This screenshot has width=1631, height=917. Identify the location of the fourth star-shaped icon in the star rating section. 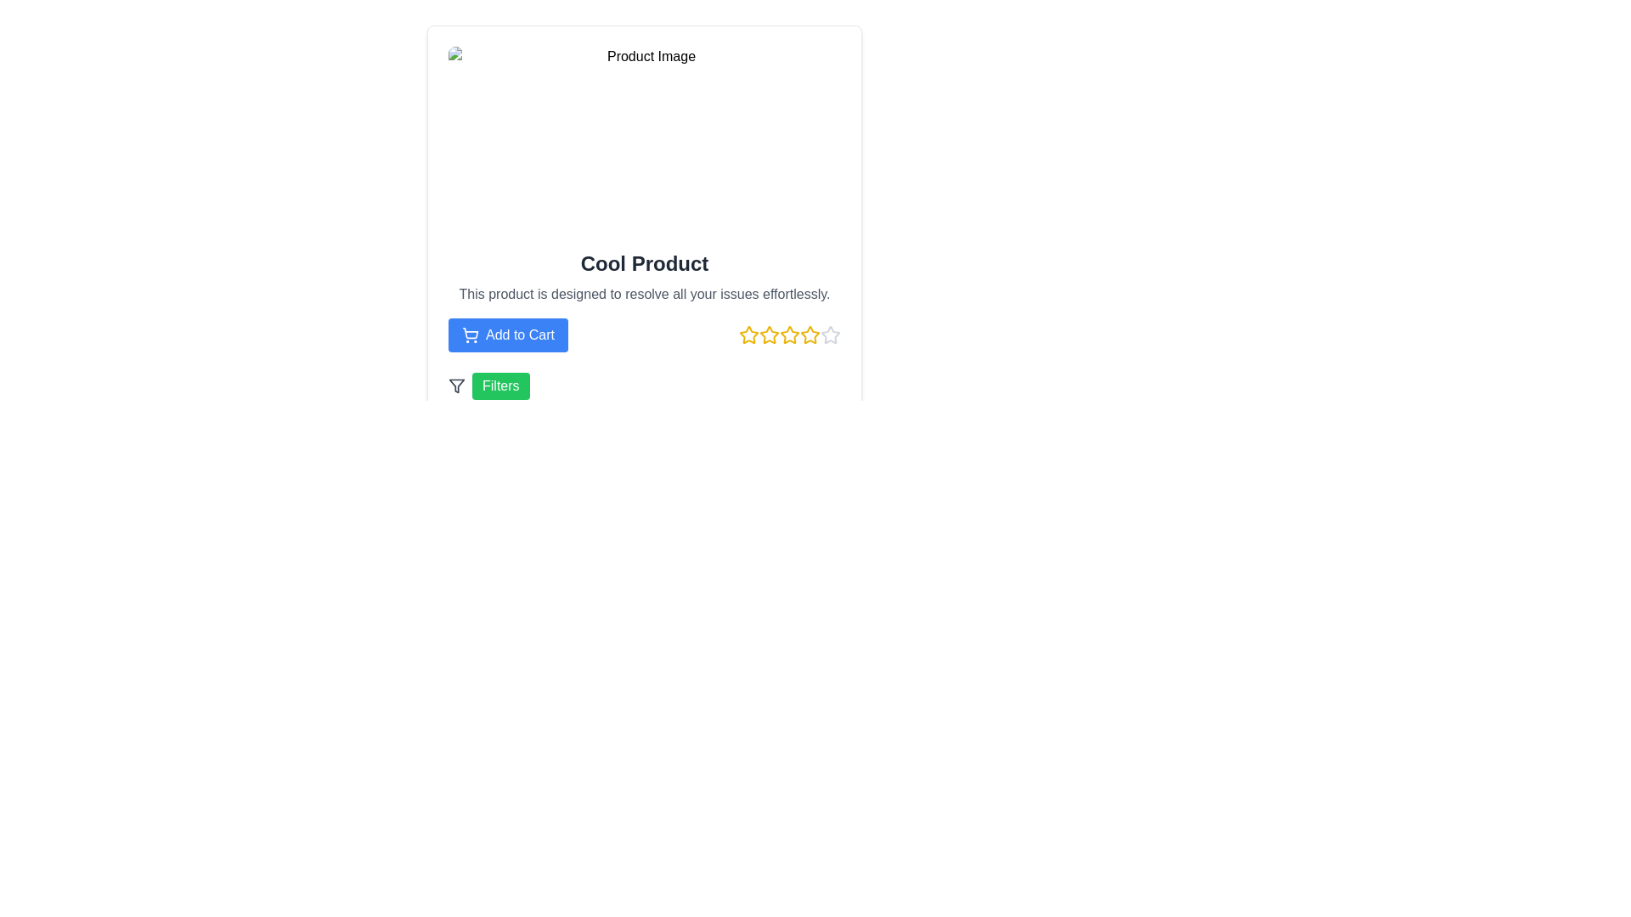
(810, 335).